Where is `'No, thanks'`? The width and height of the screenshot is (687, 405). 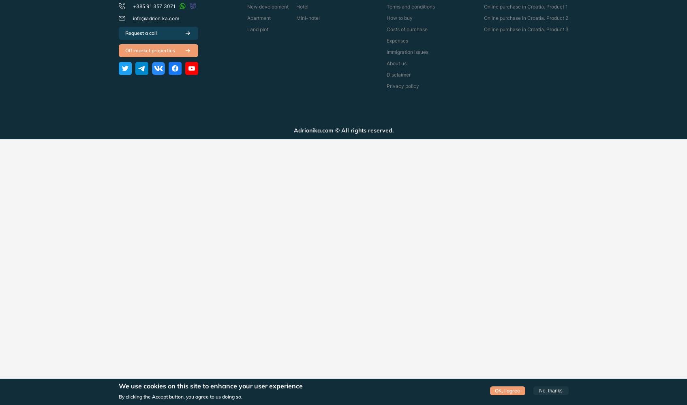
'No, thanks' is located at coordinates (550, 390).